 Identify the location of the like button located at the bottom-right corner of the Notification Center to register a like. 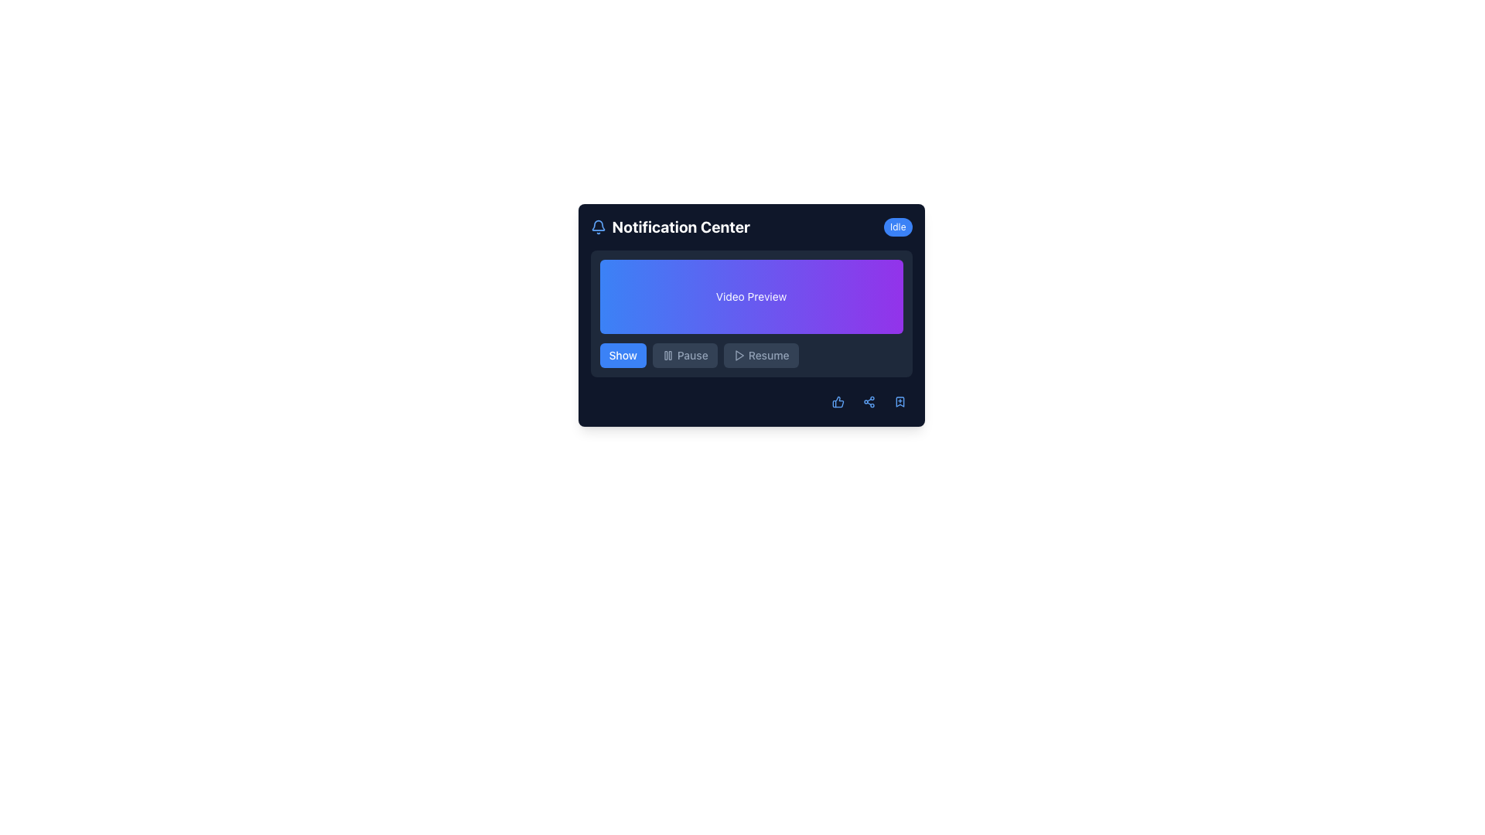
(837, 401).